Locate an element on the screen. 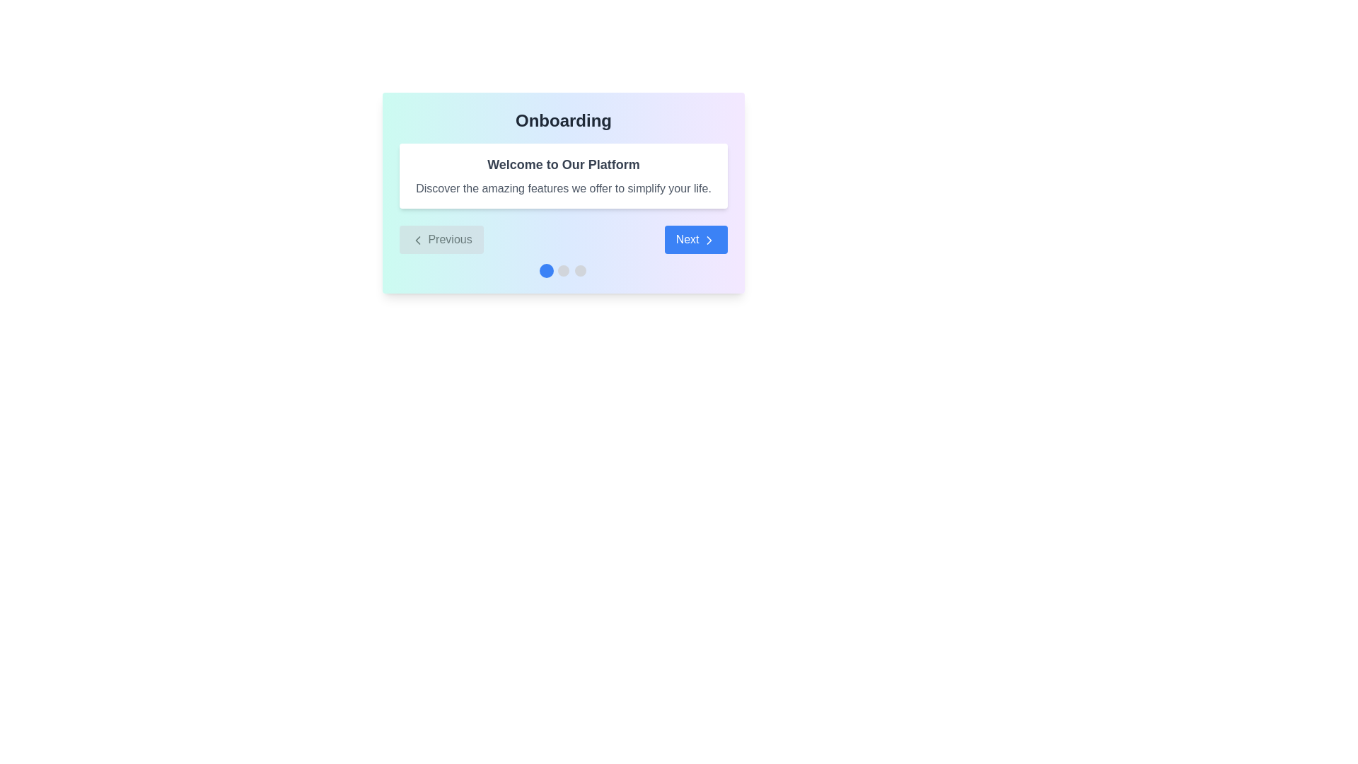  the left-pointing chevron icon within the 'Previous' button located in the gray section of the interface is located at coordinates (417, 239).